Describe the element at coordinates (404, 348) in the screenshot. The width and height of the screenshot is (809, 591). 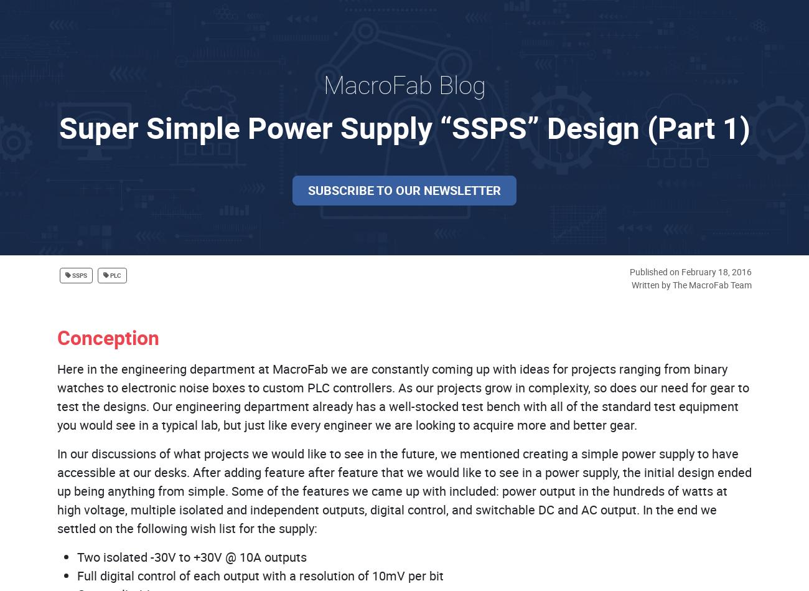
I see `'Guarantee Details'` at that location.